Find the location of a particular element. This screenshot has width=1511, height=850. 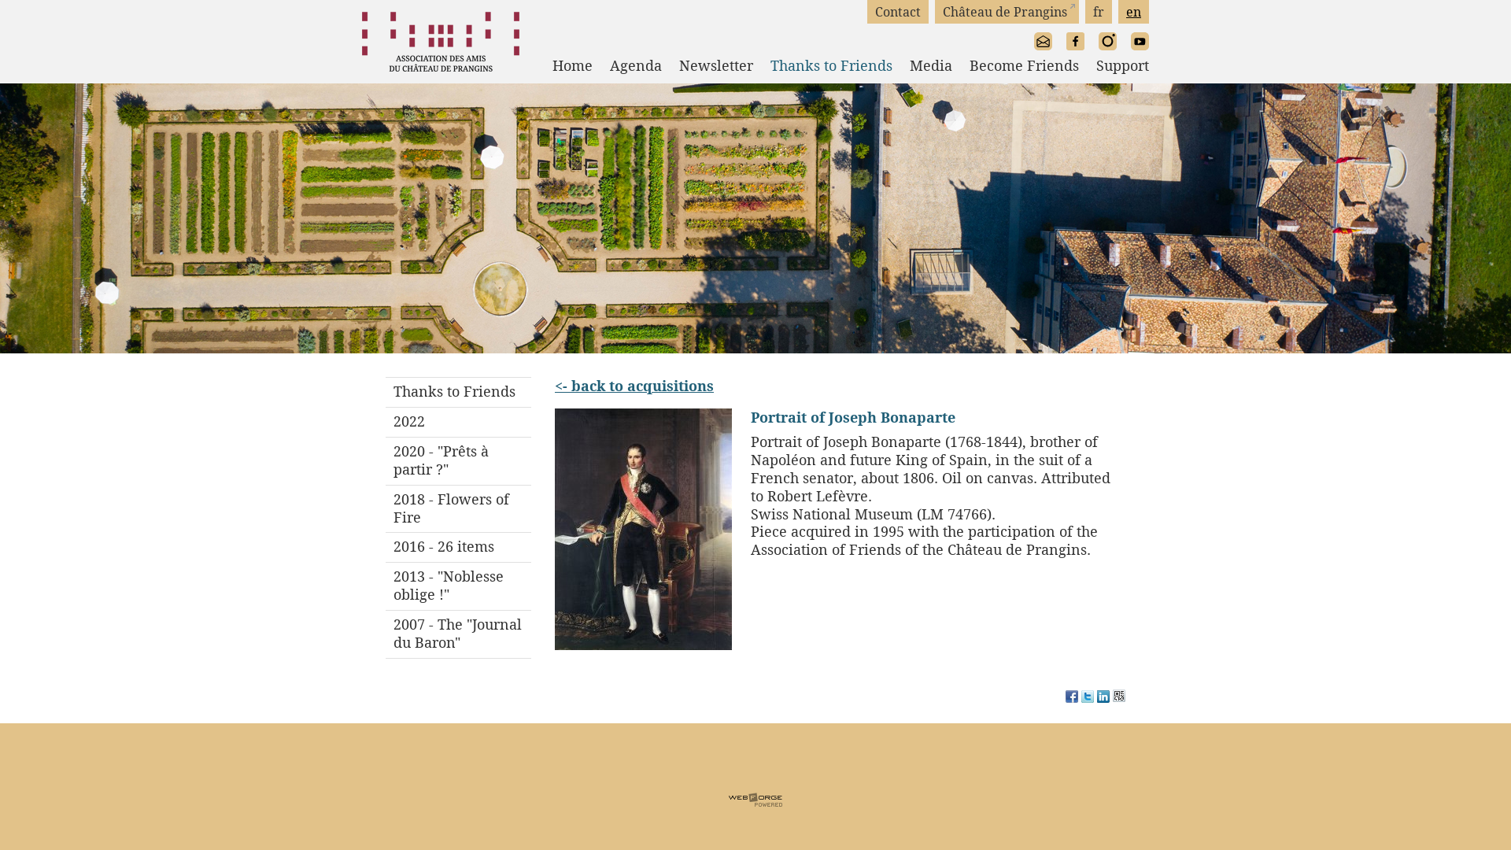

'Agenda' is located at coordinates (626, 65).